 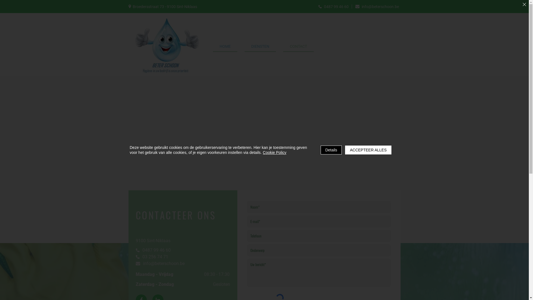 I want to click on 'HOME', so click(x=212, y=46).